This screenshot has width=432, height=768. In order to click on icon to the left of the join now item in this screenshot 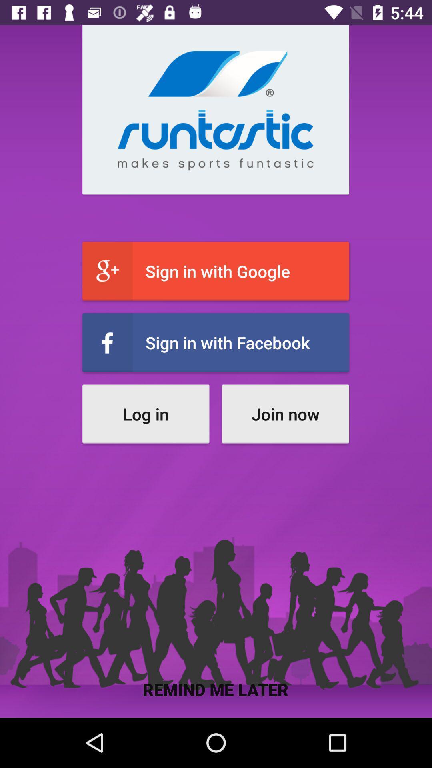, I will do `click(146, 414)`.